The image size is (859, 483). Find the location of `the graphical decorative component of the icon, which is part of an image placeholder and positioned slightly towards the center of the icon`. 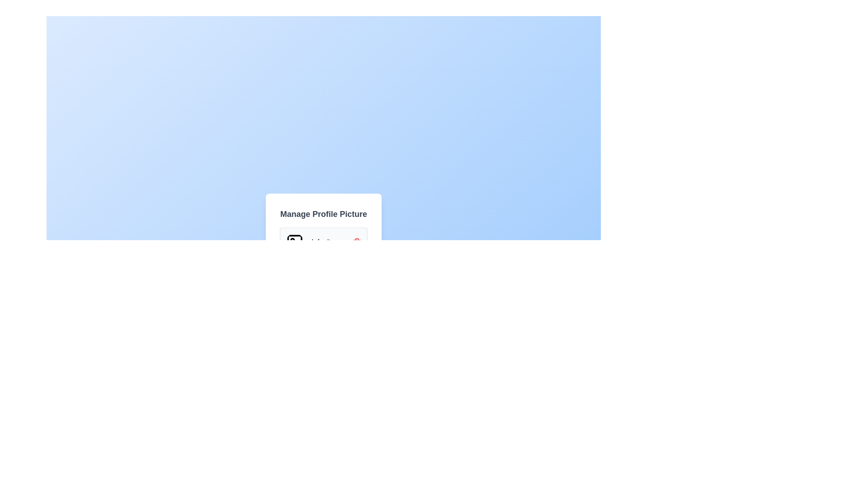

the graphical decorative component of the icon, which is part of an image placeholder and positioned slightly towards the center of the icon is located at coordinates (295, 242).